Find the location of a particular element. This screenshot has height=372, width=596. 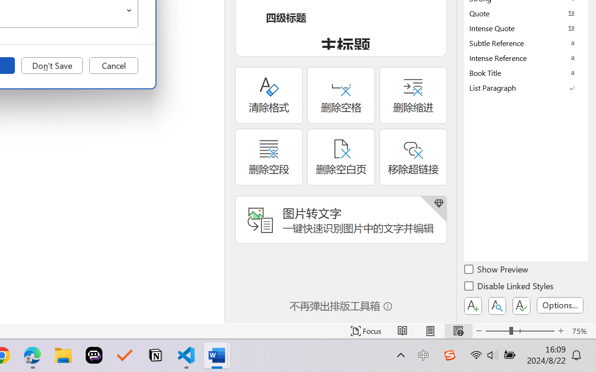

'Options...' is located at coordinates (560, 305).